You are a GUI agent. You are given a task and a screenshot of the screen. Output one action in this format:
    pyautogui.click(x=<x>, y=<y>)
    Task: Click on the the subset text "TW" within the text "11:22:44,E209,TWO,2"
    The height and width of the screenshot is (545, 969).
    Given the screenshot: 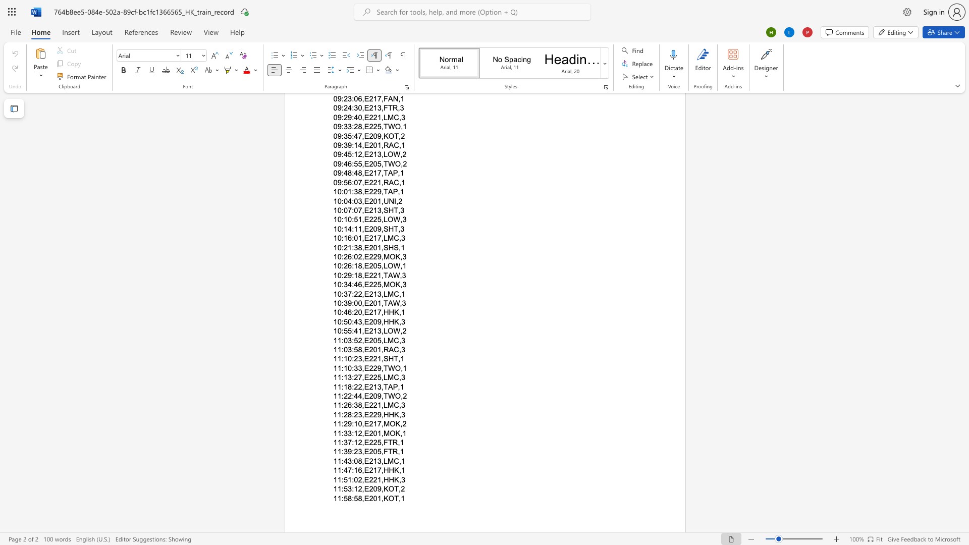 What is the action you would take?
    pyautogui.click(x=383, y=396)
    